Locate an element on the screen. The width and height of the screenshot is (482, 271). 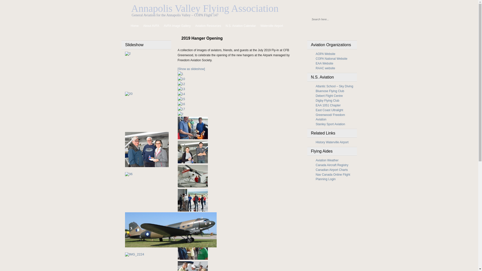
'10' is located at coordinates (178, 79).